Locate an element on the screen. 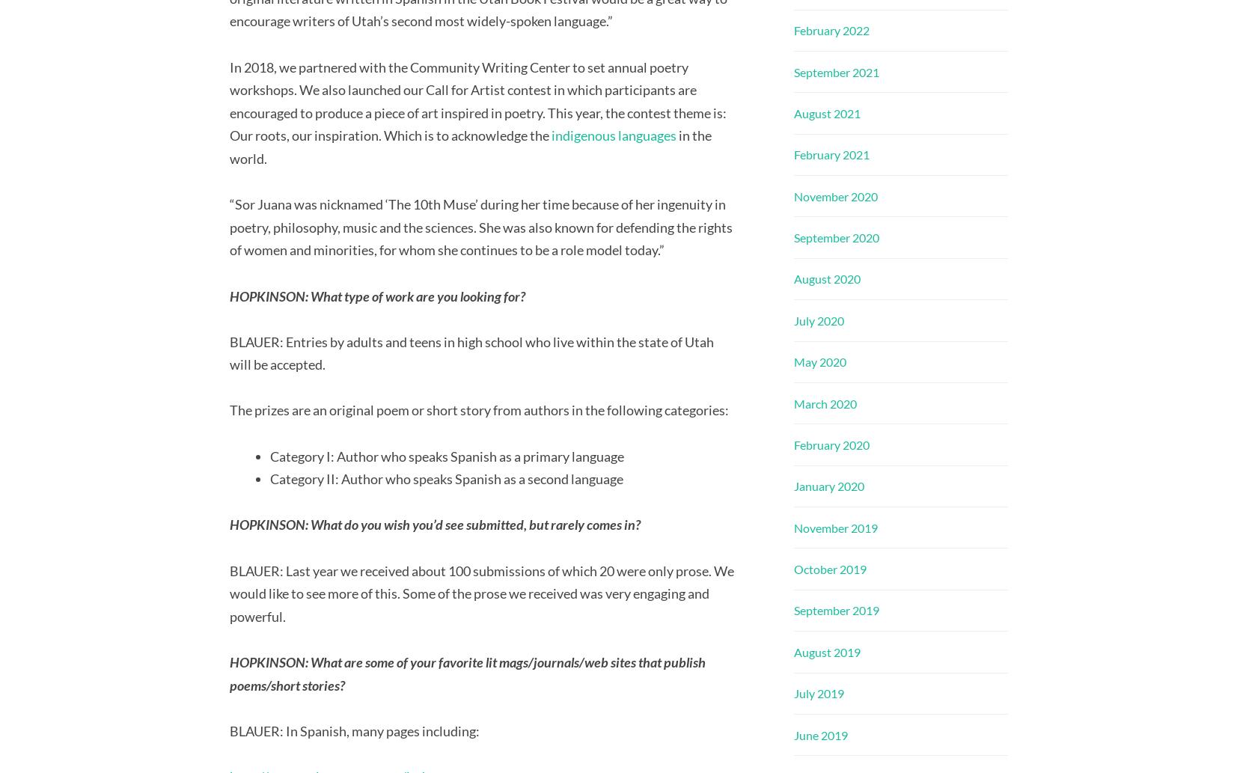 Image resolution: width=1237 pixels, height=773 pixels. 'July 2020' is located at coordinates (818, 320).